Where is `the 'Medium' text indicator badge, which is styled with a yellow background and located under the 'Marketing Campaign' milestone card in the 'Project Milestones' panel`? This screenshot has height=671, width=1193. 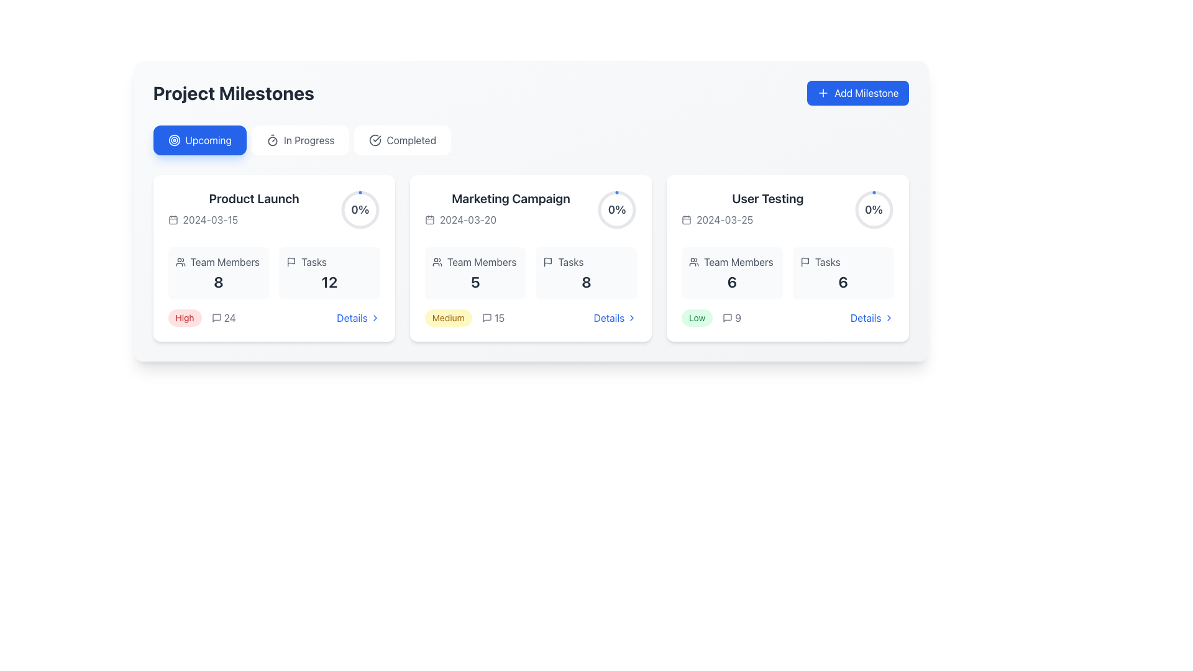
the 'Medium' text indicator badge, which is styled with a yellow background and located under the 'Marketing Campaign' milestone card in the 'Project Milestones' panel is located at coordinates (447, 317).